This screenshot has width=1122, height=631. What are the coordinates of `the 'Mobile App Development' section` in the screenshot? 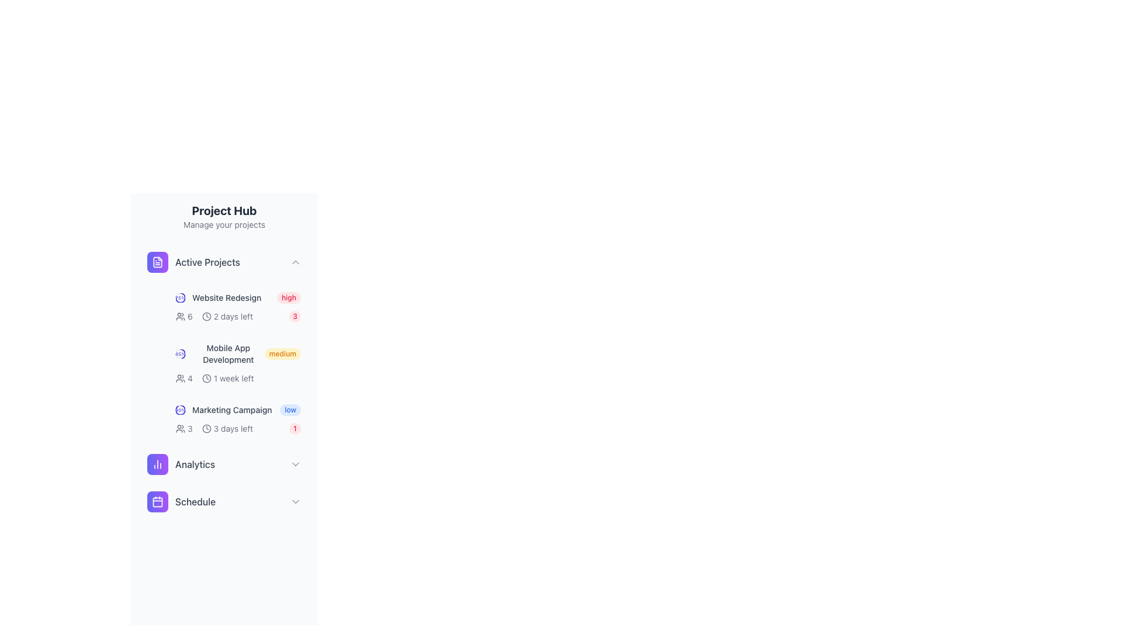 It's located at (224, 382).